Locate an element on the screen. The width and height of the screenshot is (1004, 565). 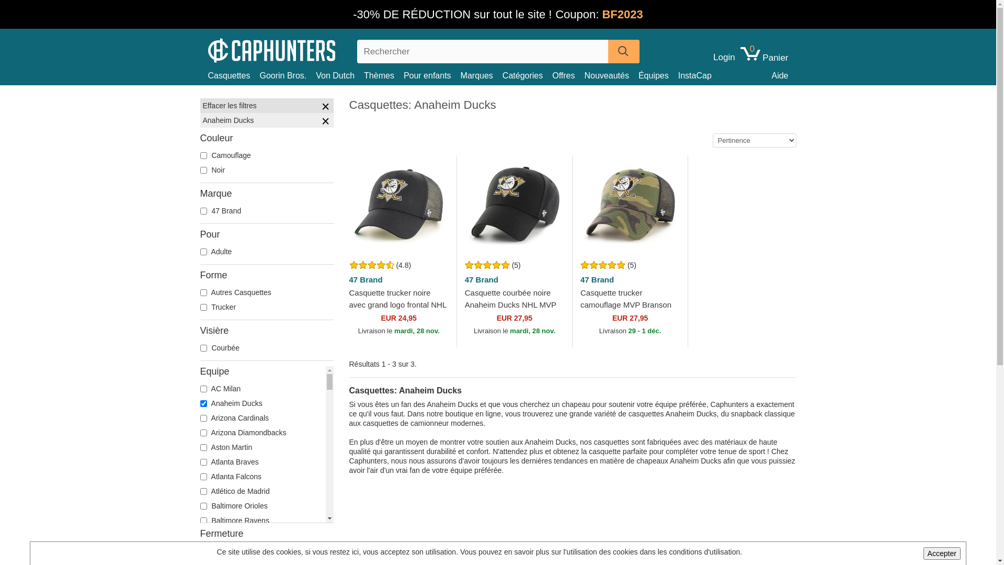
'Marques' is located at coordinates (460, 75).